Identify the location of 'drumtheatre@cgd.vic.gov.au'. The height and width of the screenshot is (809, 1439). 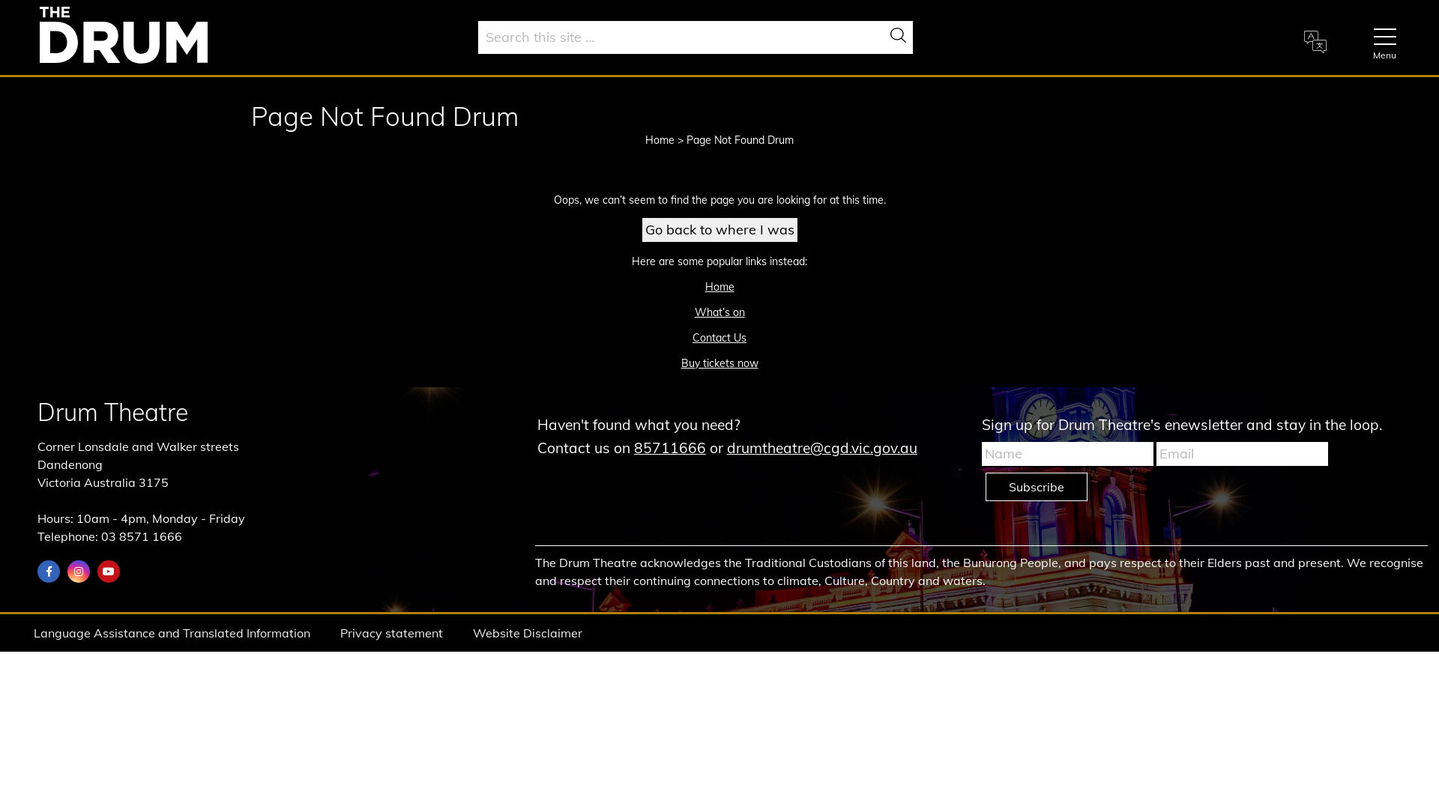
(821, 446).